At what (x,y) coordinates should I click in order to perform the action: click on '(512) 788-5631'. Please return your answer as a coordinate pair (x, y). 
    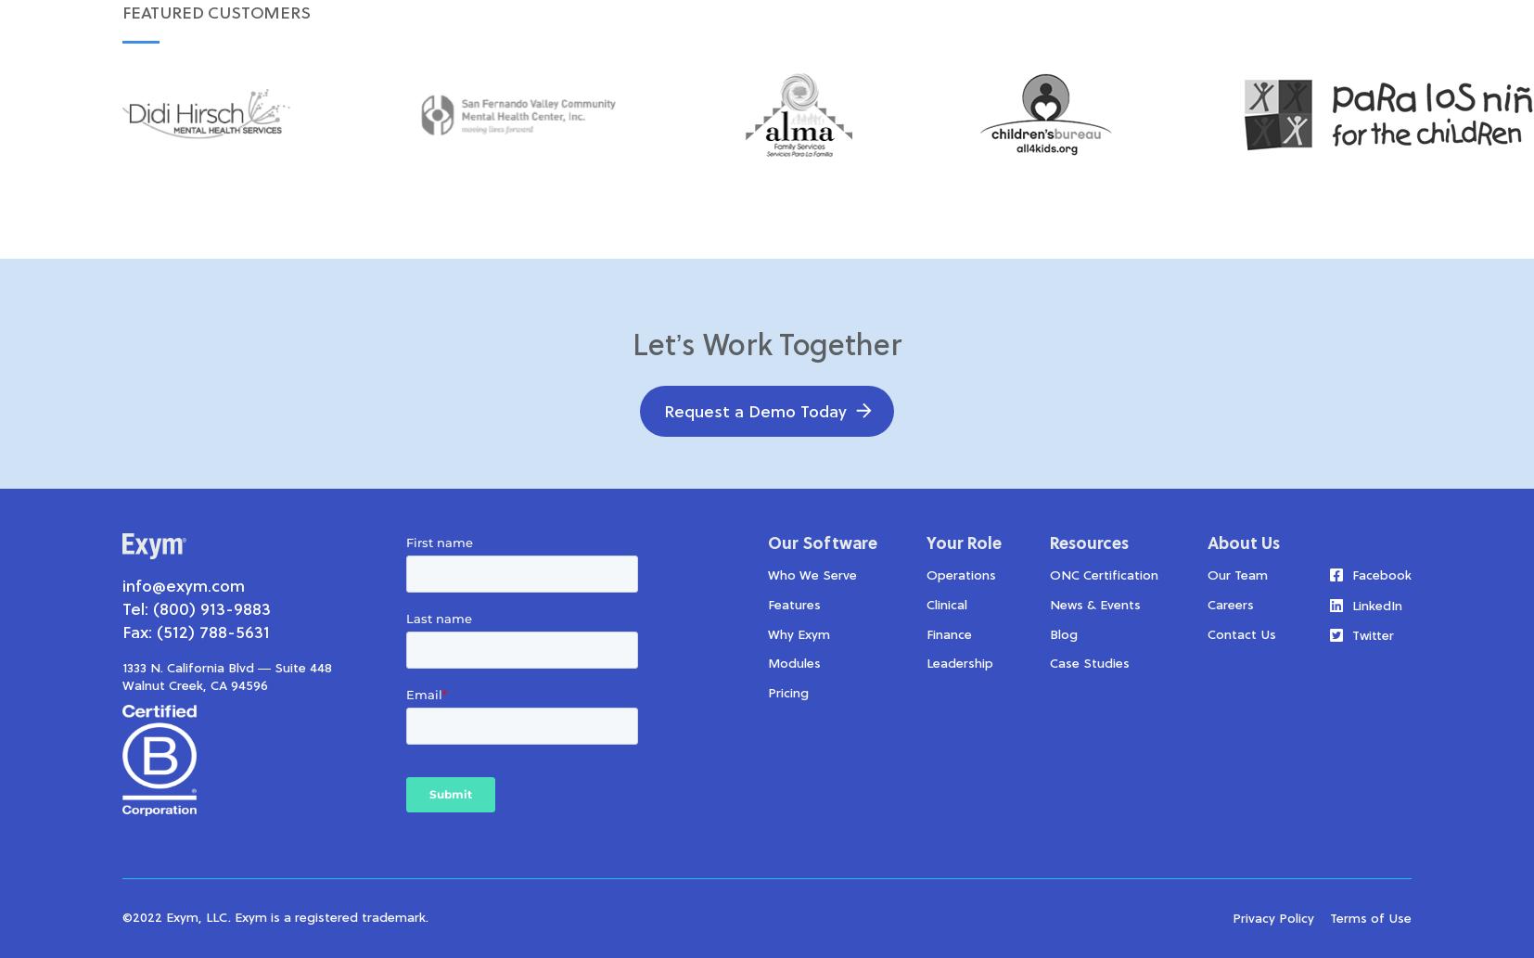
    Looking at the image, I should click on (212, 632).